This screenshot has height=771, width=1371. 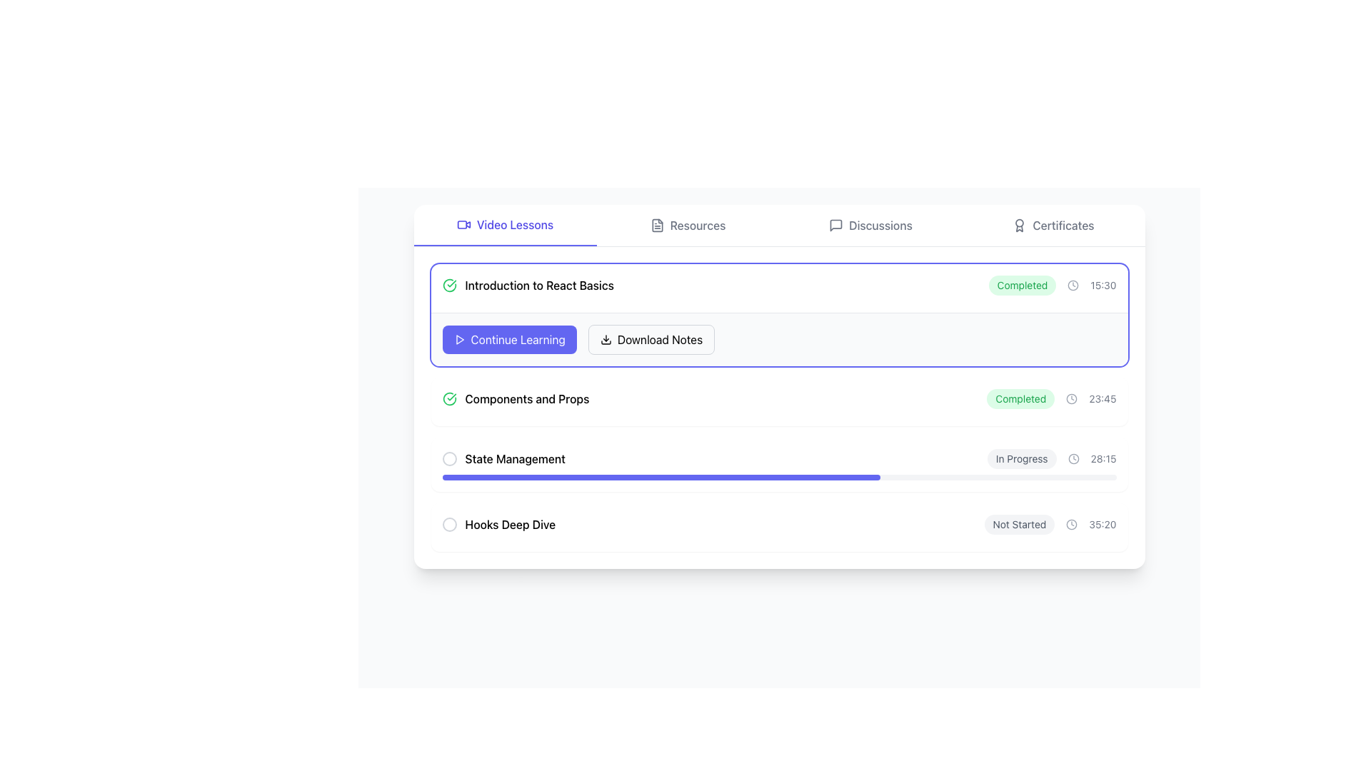 What do you see at coordinates (1018, 525) in the screenshot?
I see `the badge labeled 'Not Started' which has a light gray background and is positioned towards the right in the bottom section of a card layout` at bounding box center [1018, 525].